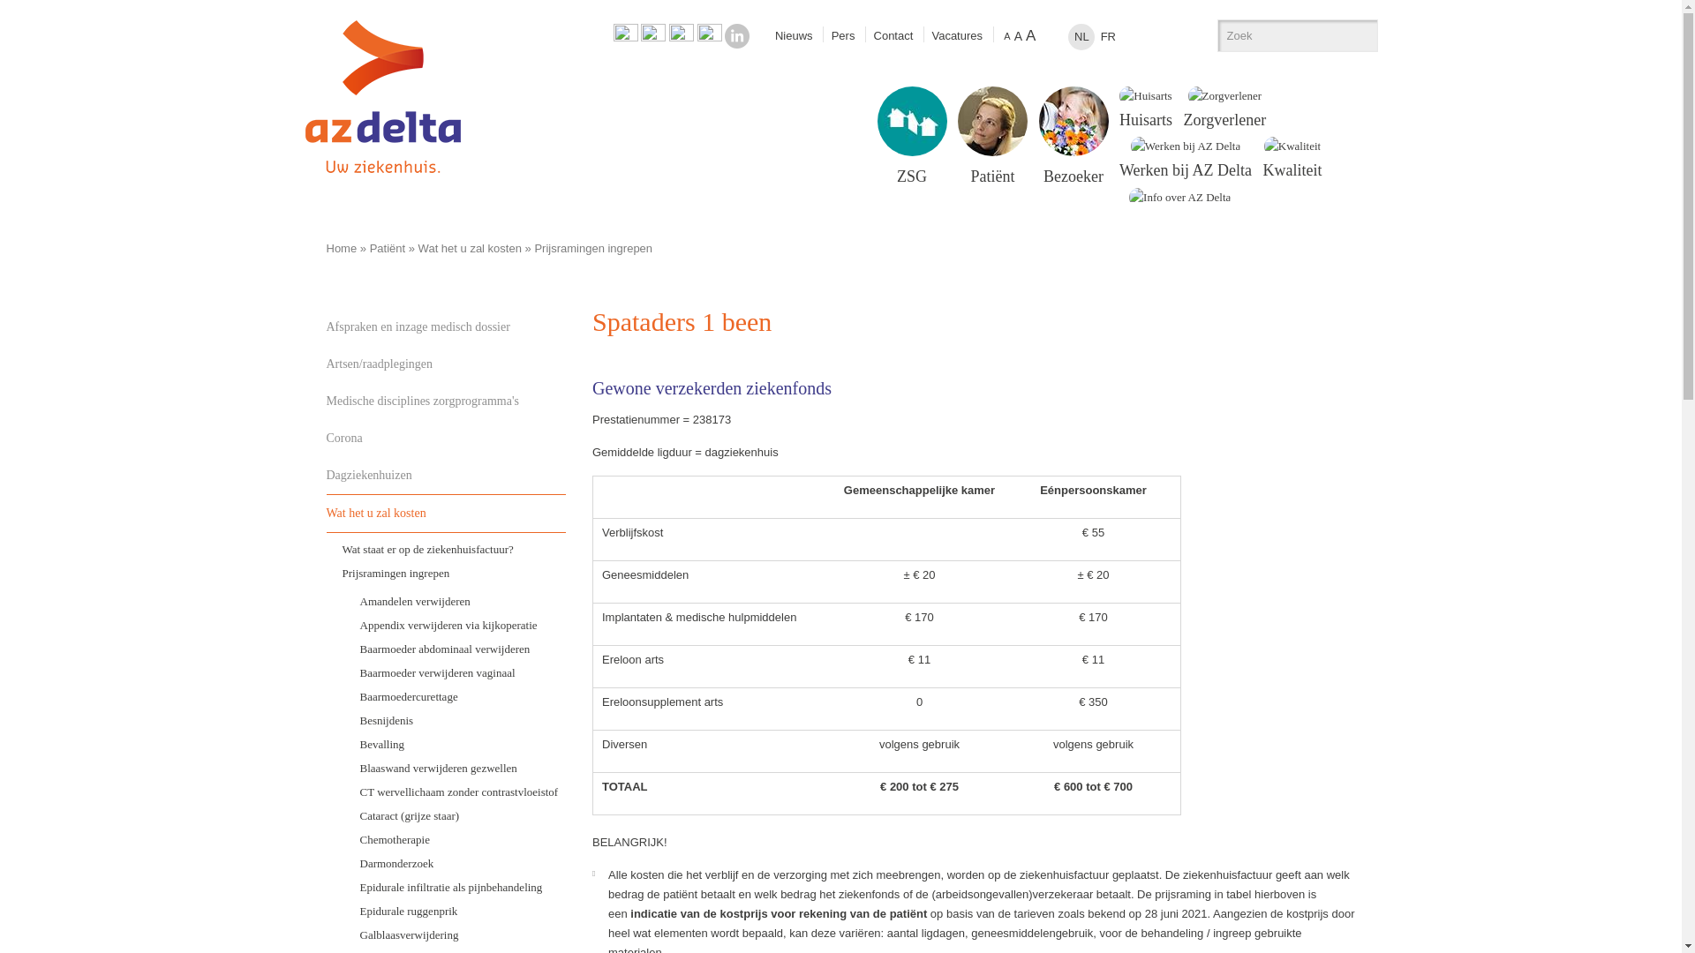 Image resolution: width=1695 pixels, height=953 pixels. I want to click on 'Wat staat er op de ziekenhuisfactuur?', so click(446, 547).